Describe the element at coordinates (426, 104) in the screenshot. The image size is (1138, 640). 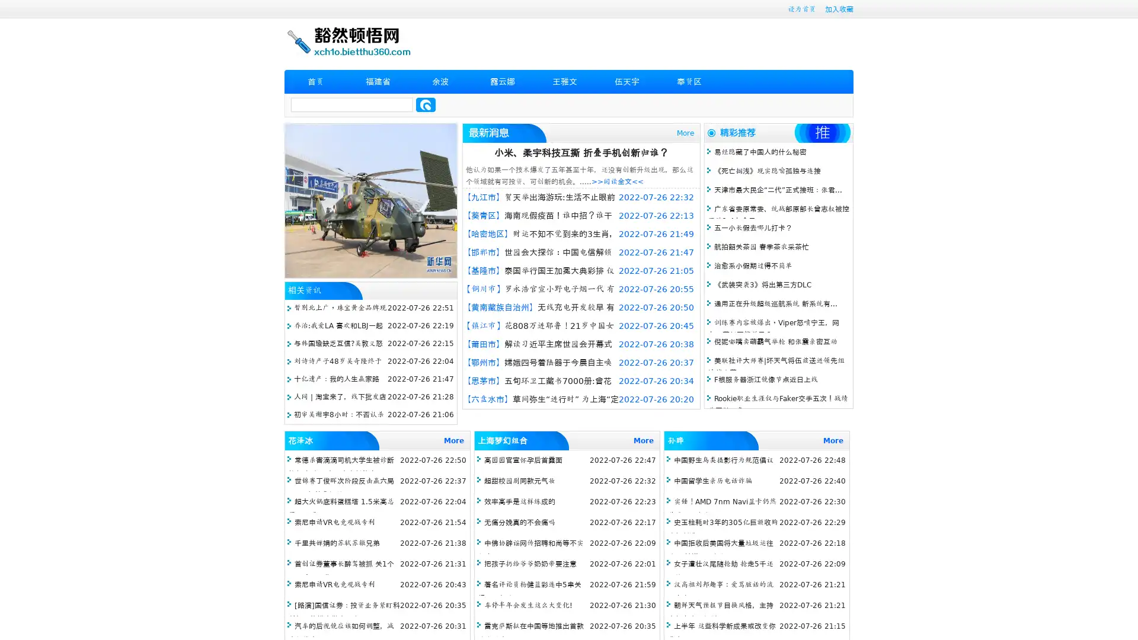
I see `Search` at that location.